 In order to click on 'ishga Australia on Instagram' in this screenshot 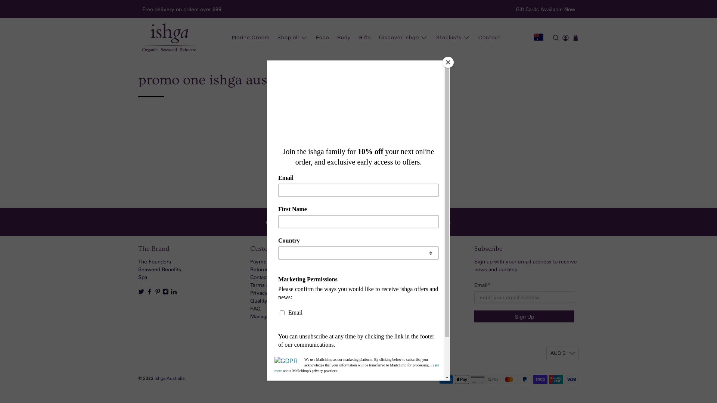, I will do `click(162, 292)`.